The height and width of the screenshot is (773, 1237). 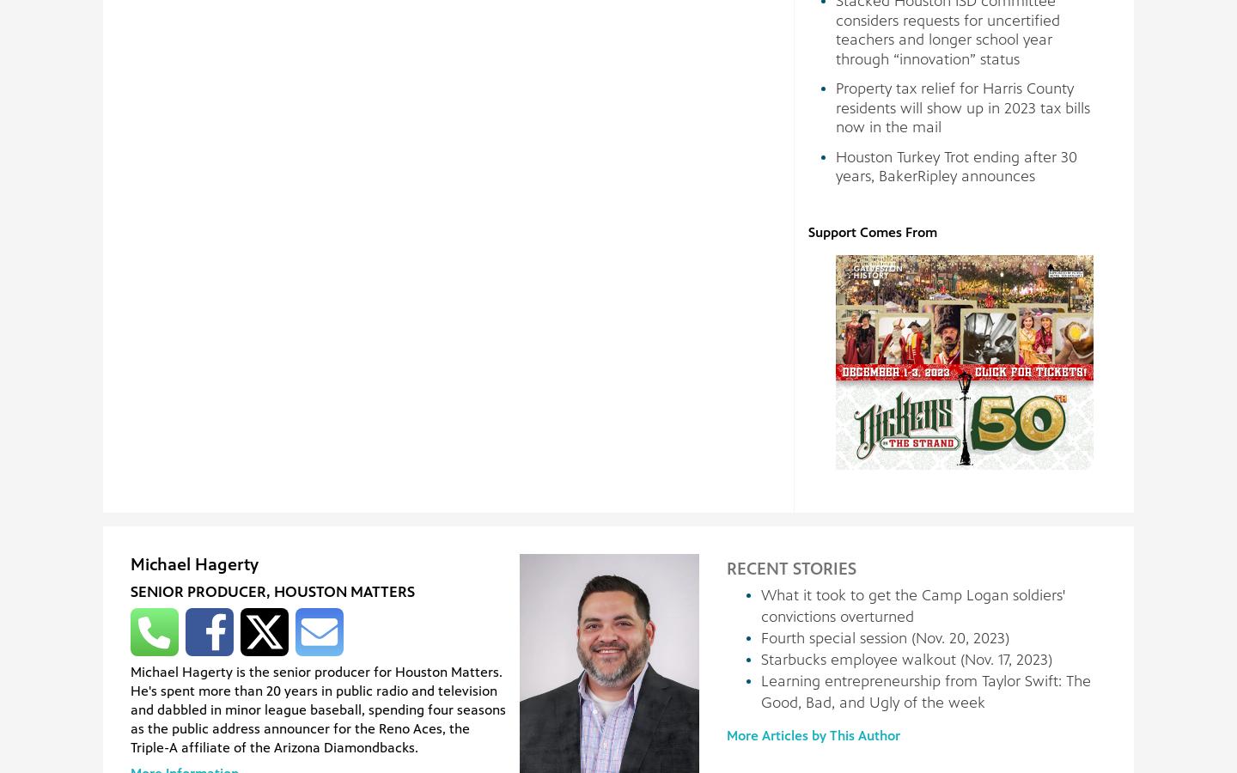 I want to click on 'Michael Hagerty', so click(x=194, y=563).